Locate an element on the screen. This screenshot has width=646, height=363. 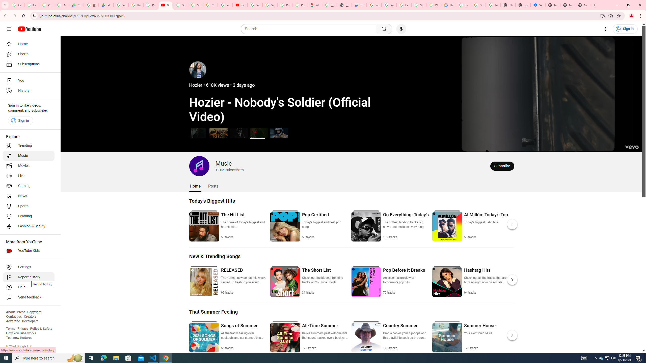
'History' is located at coordinates (29, 91).